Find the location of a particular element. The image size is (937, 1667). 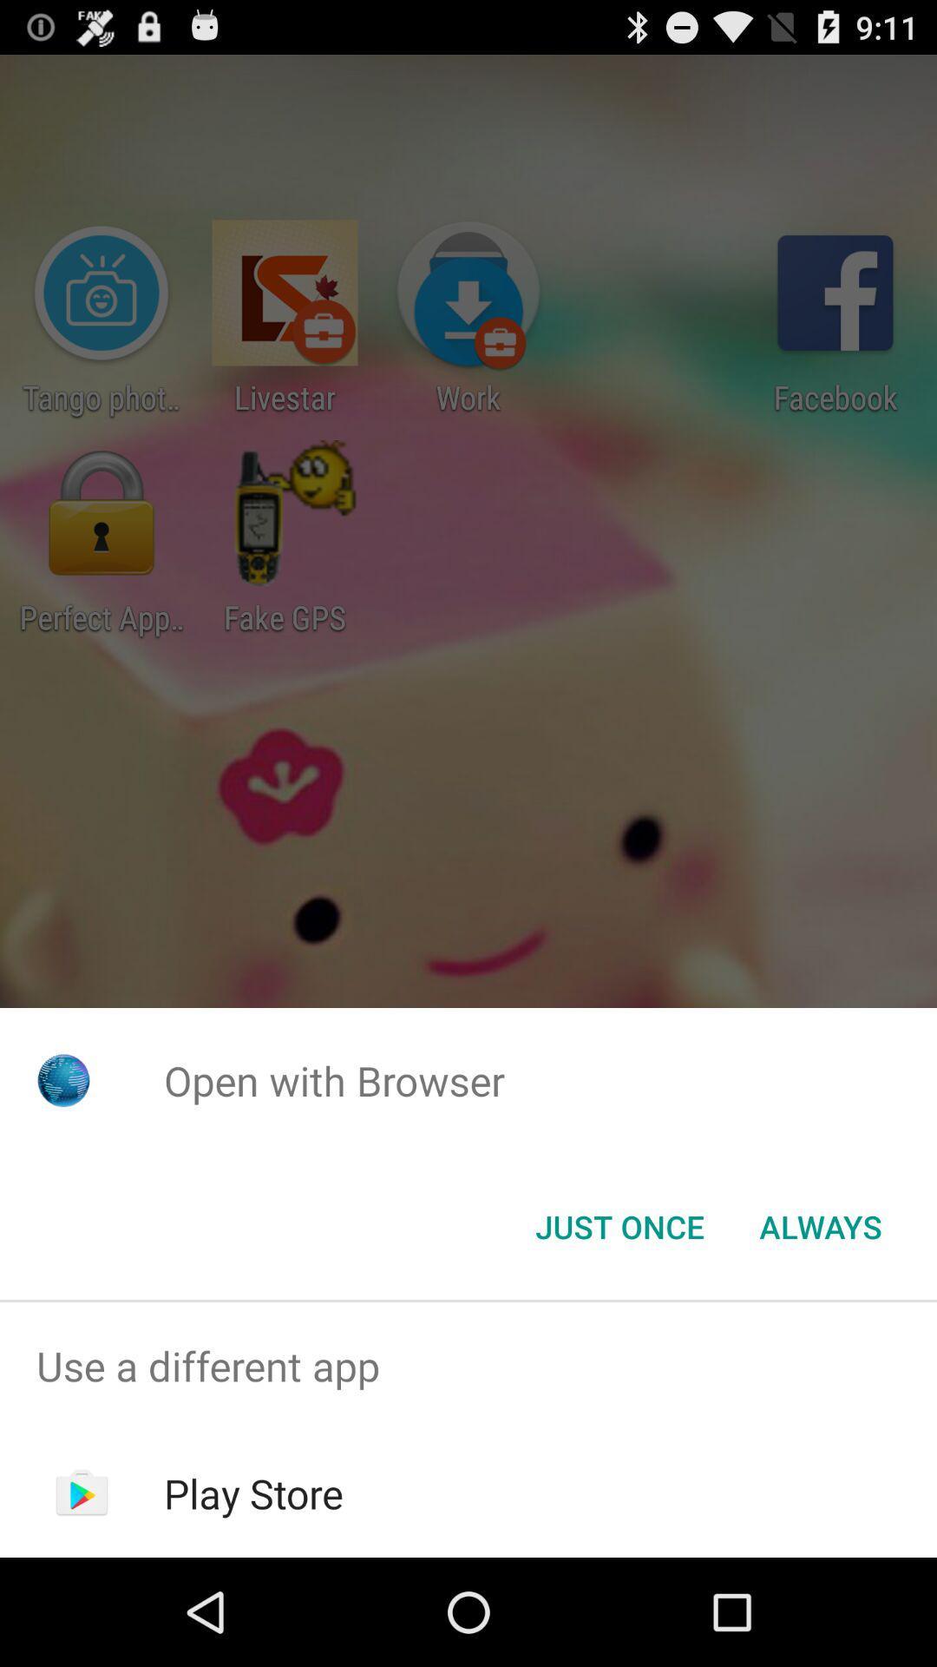

the app below the open with browser is located at coordinates (619, 1225).